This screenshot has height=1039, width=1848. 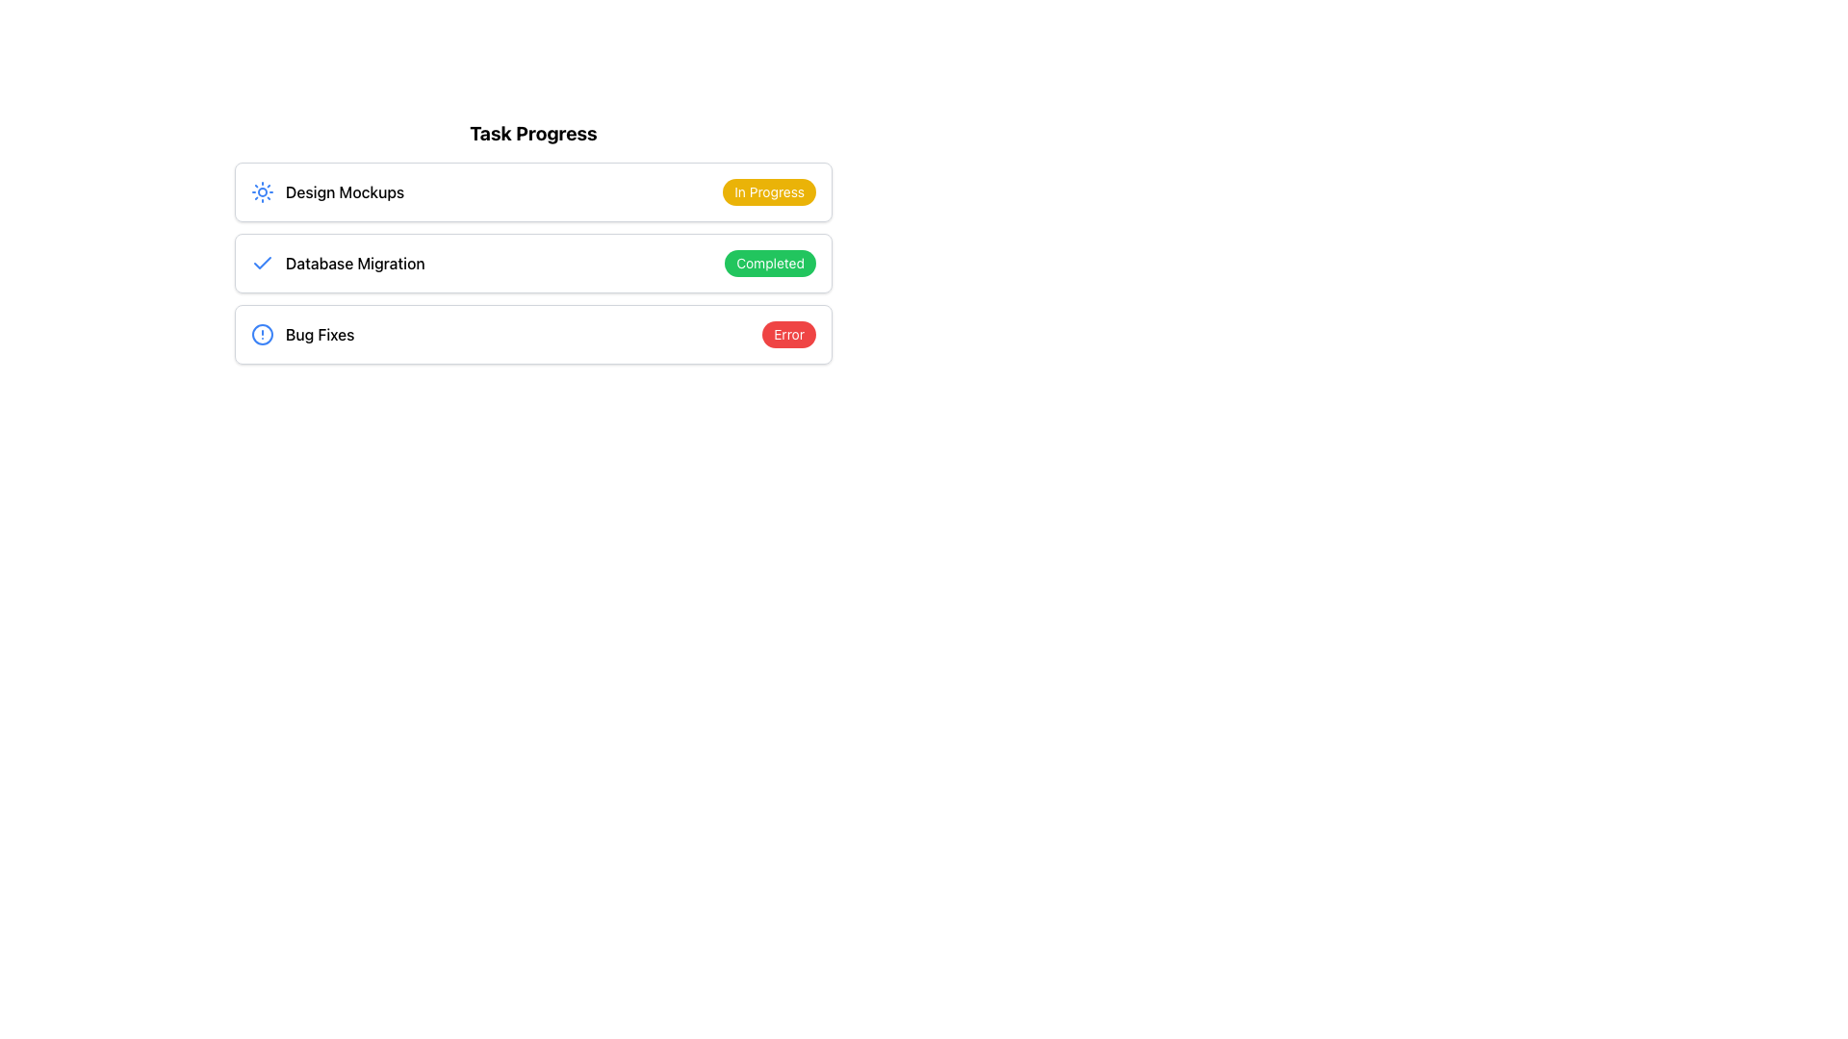 I want to click on text label that says 'Bug Fixes', which is the third entry in the task list under 'Task Progress', so click(x=320, y=333).